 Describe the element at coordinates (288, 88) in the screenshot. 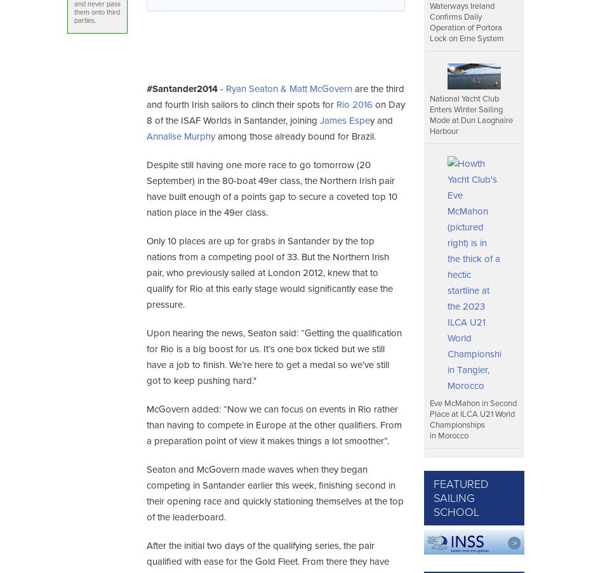

I see `'Ryan Seaton & Matt McGovern'` at that location.